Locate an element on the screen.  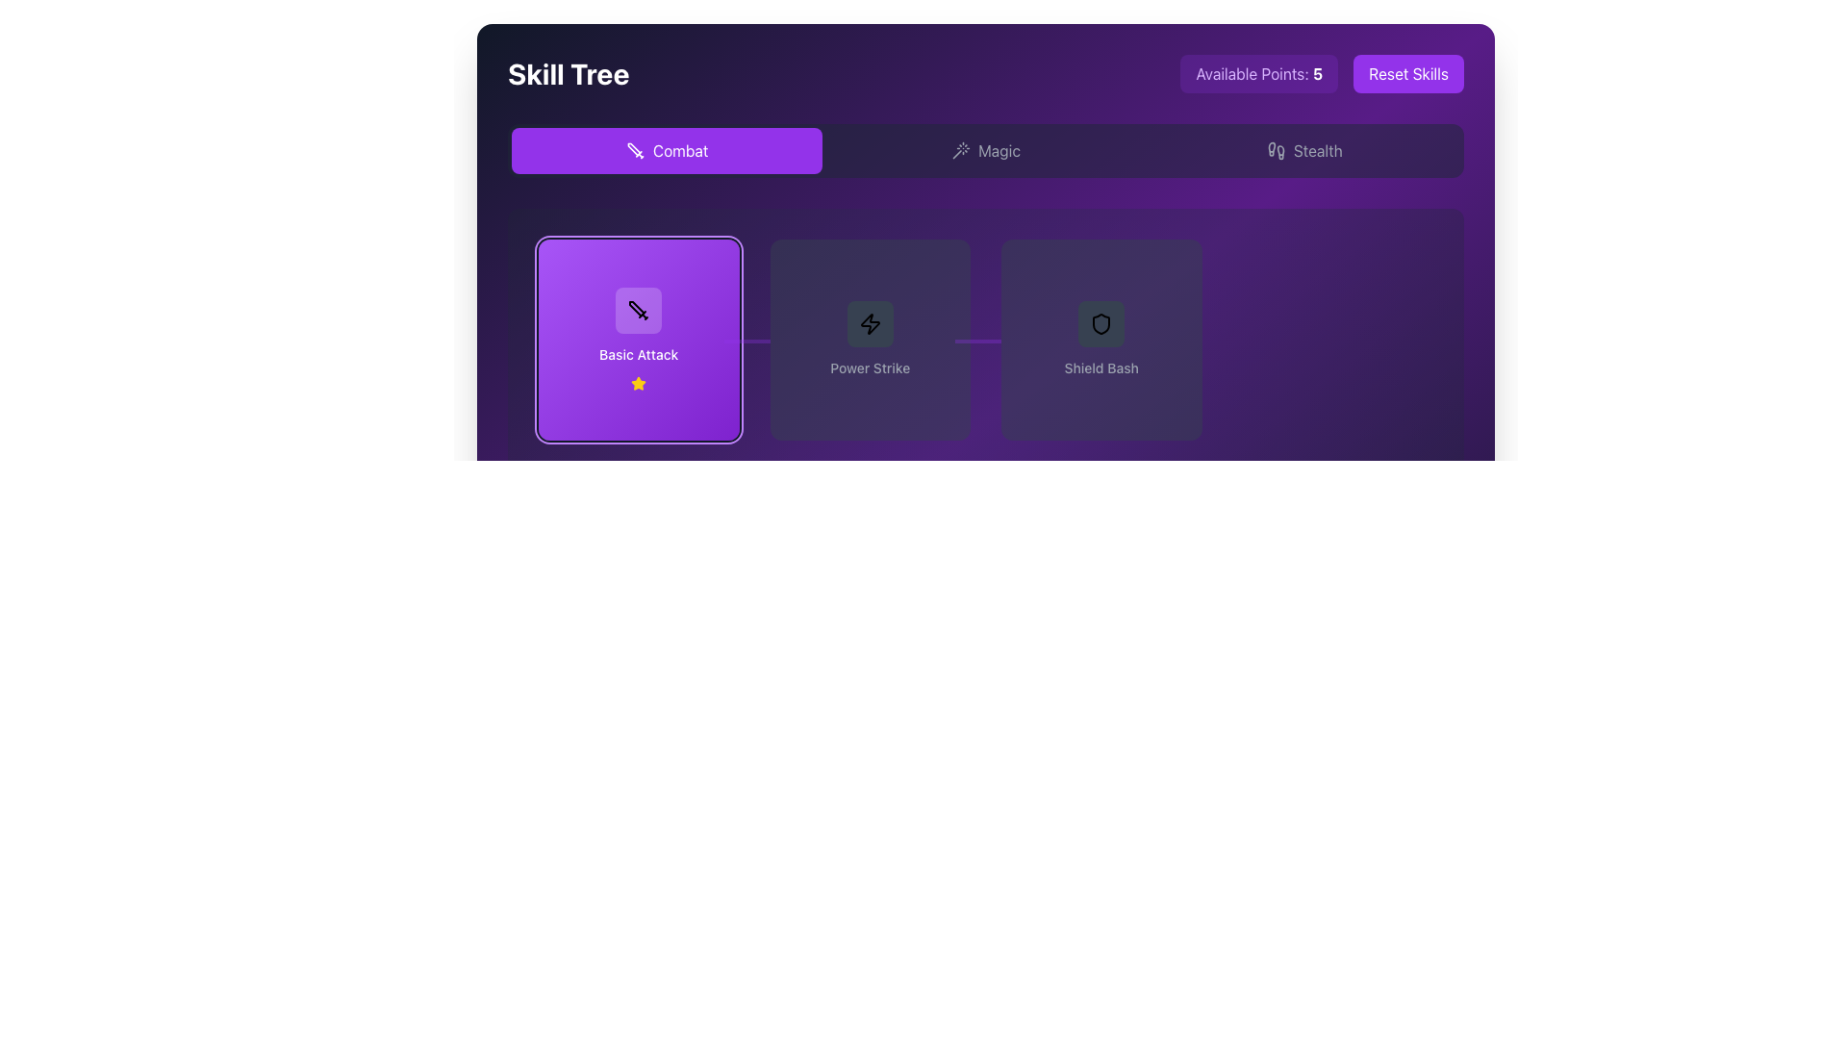
the yellow star-shaped icon located in the 'Basic Attack' section of the skill tree, directly below the text label is located at coordinates (639, 383).